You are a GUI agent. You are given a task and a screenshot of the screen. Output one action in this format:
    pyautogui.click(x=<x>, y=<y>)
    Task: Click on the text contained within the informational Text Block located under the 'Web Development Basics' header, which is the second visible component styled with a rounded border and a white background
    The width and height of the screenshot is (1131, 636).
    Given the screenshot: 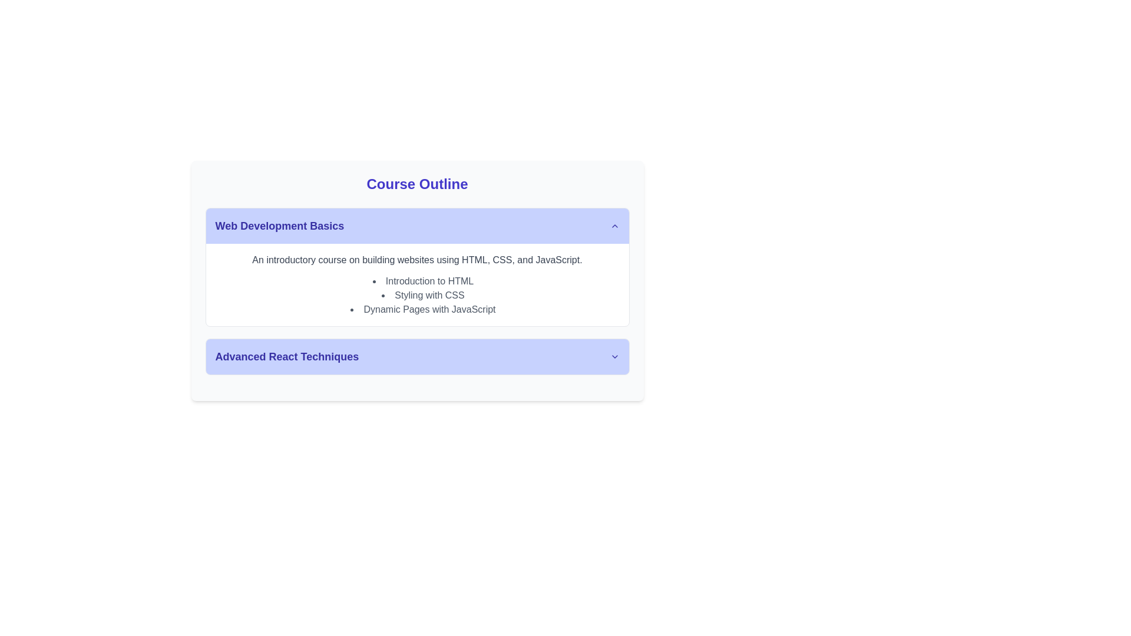 What is the action you would take?
    pyautogui.click(x=417, y=284)
    